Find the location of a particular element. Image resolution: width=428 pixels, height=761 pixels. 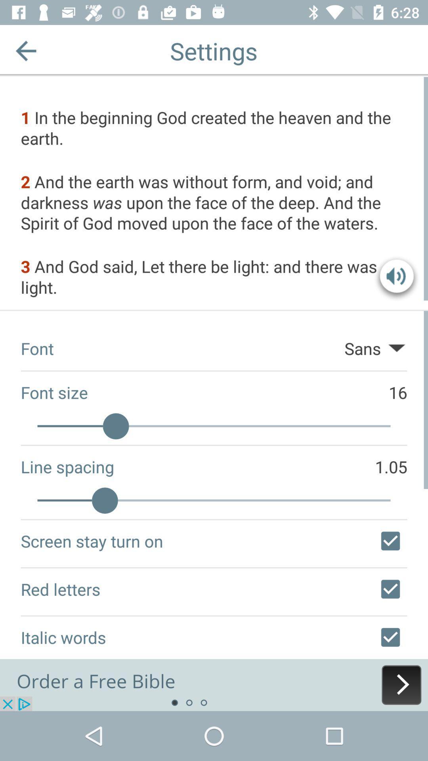

screen stay turn on setting is located at coordinates (390, 540).